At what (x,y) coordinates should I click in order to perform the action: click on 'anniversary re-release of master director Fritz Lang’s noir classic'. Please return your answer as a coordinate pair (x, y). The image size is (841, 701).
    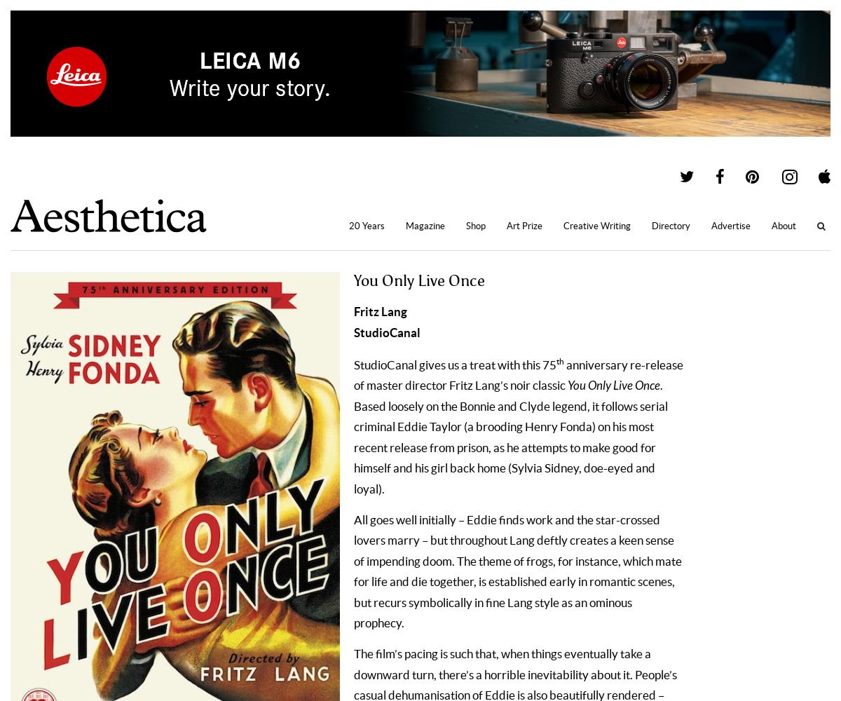
    Looking at the image, I should click on (519, 374).